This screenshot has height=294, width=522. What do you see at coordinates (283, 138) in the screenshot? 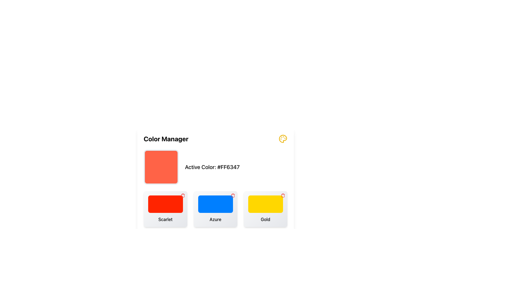
I see `the yellow palette icon located to the right of the 'Color Manager' text in the header section to invoke color management actions` at bounding box center [283, 138].